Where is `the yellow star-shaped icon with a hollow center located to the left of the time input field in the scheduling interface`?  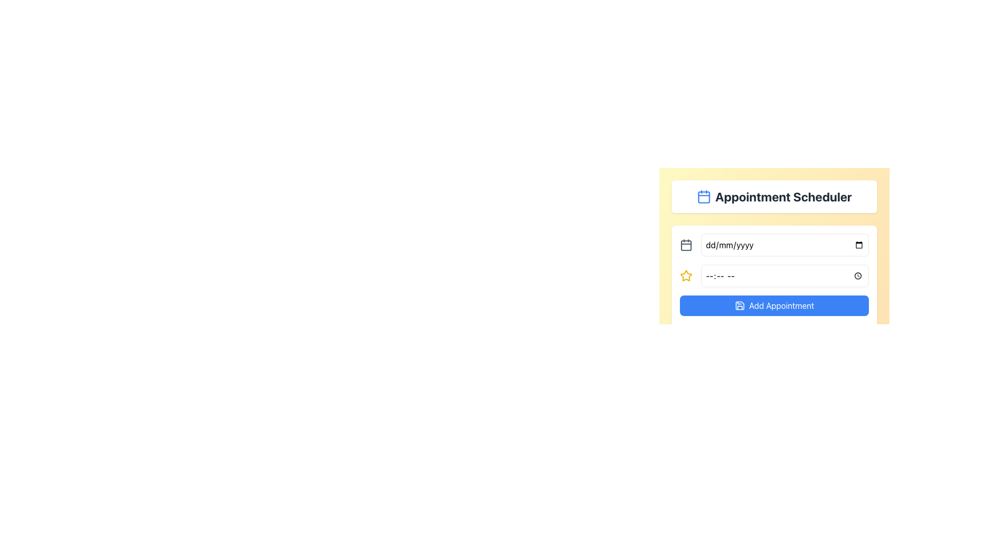
the yellow star-shaped icon with a hollow center located to the left of the time input field in the scheduling interface is located at coordinates (686, 275).